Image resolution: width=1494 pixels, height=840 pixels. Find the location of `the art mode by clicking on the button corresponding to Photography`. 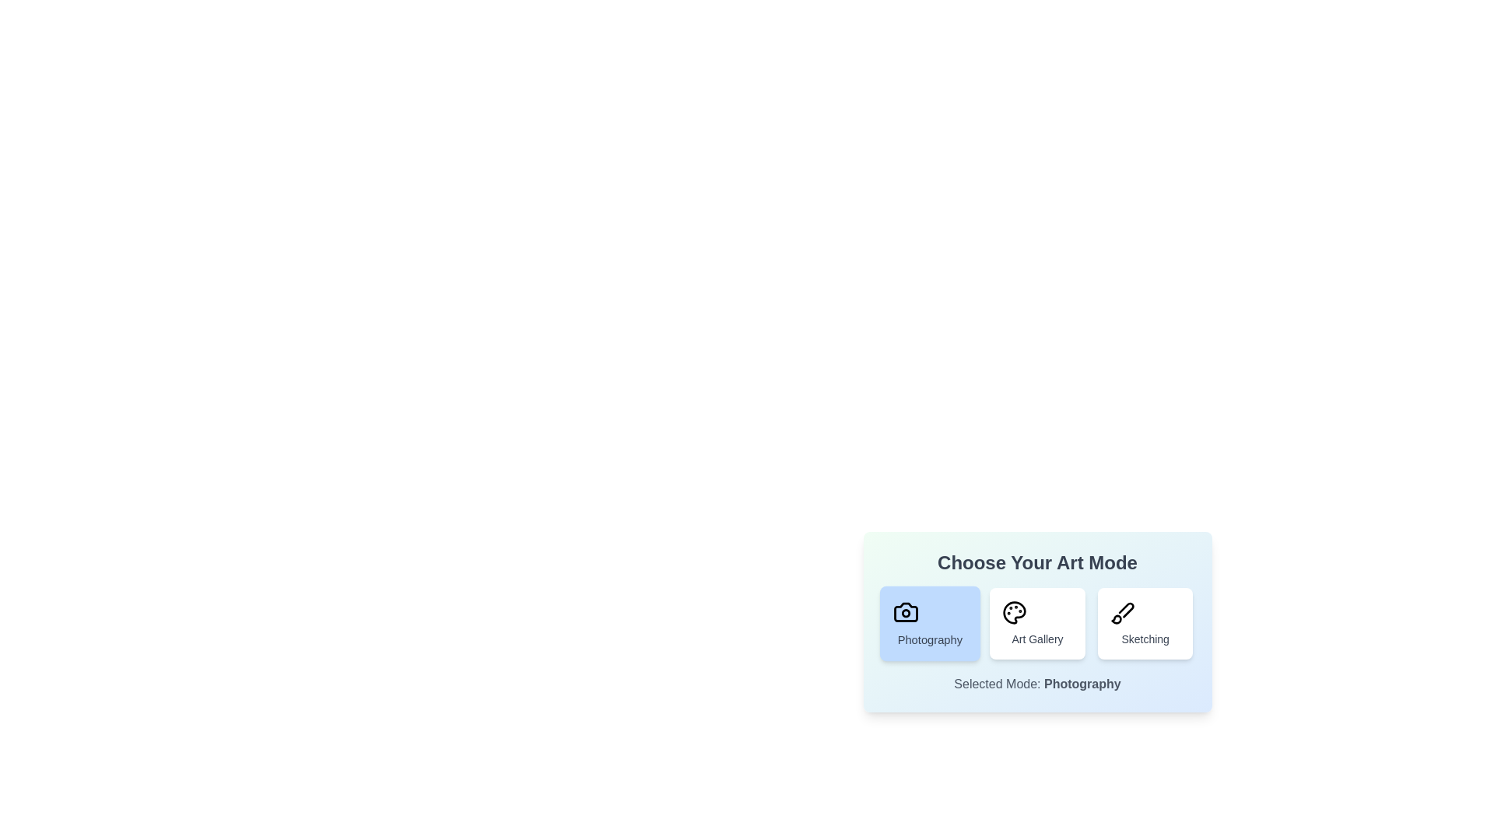

the art mode by clicking on the button corresponding to Photography is located at coordinates (929, 623).